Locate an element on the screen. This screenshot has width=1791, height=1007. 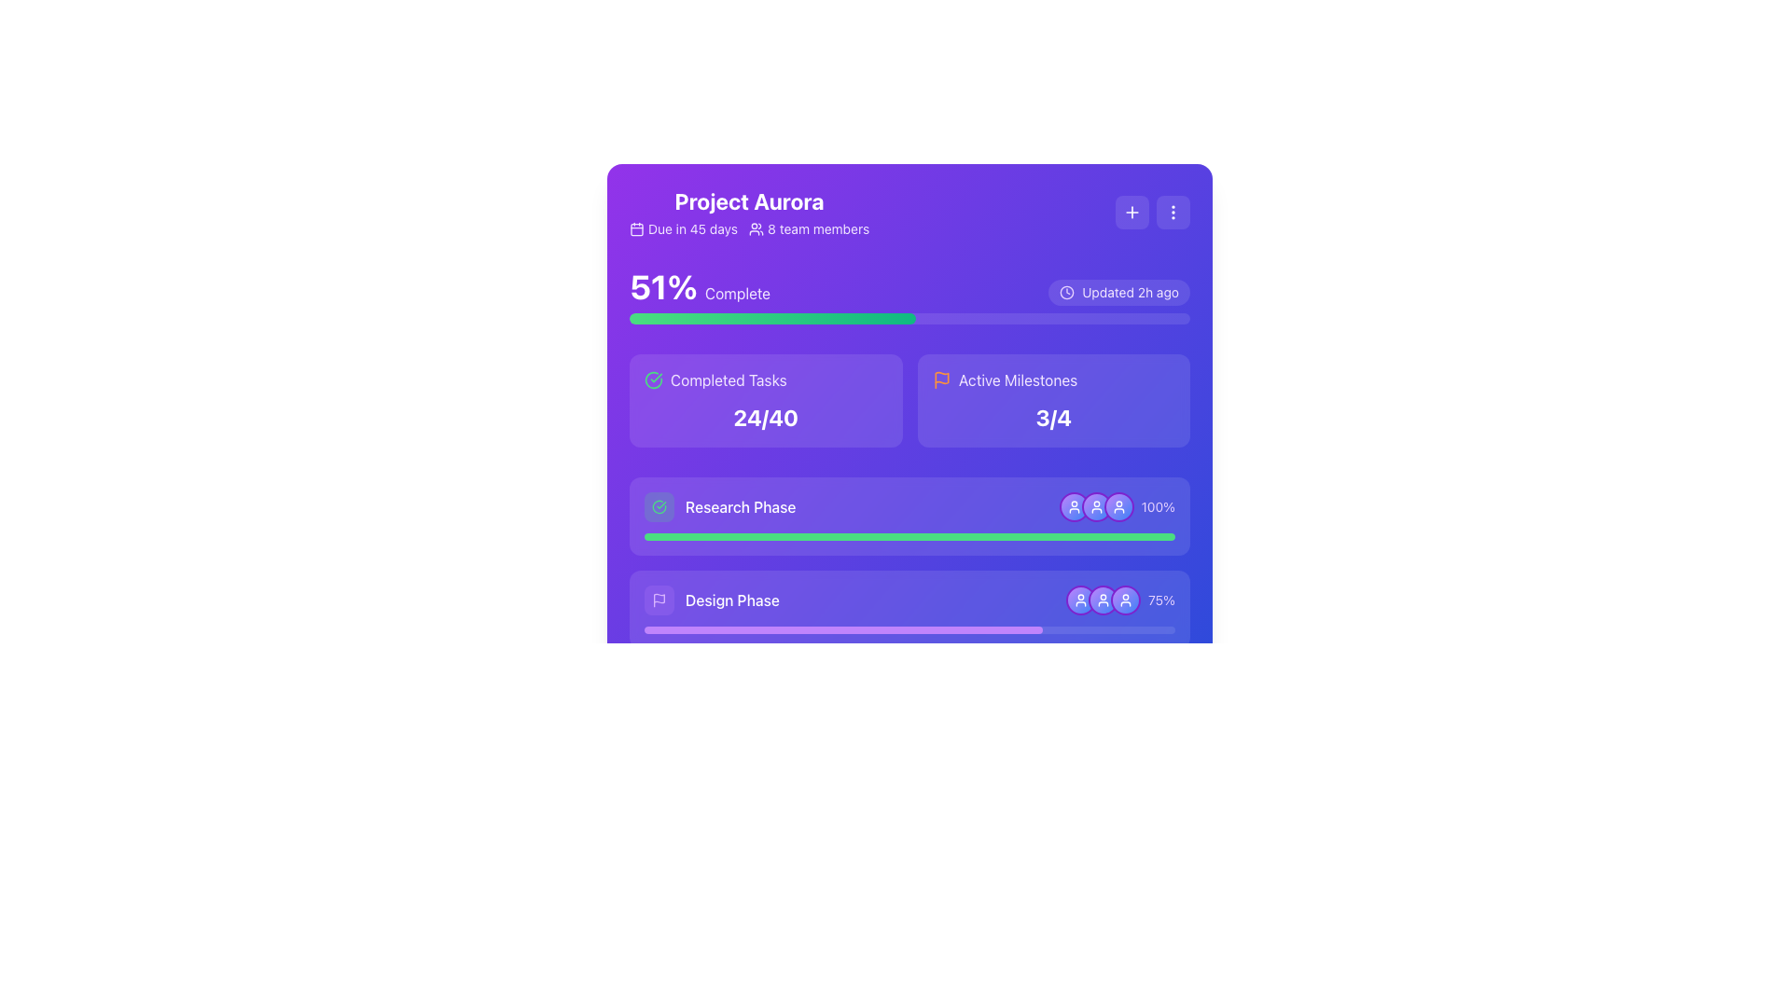
the square button with a '+' icon located in the top-right corner of the purple card is located at coordinates (1132, 211).